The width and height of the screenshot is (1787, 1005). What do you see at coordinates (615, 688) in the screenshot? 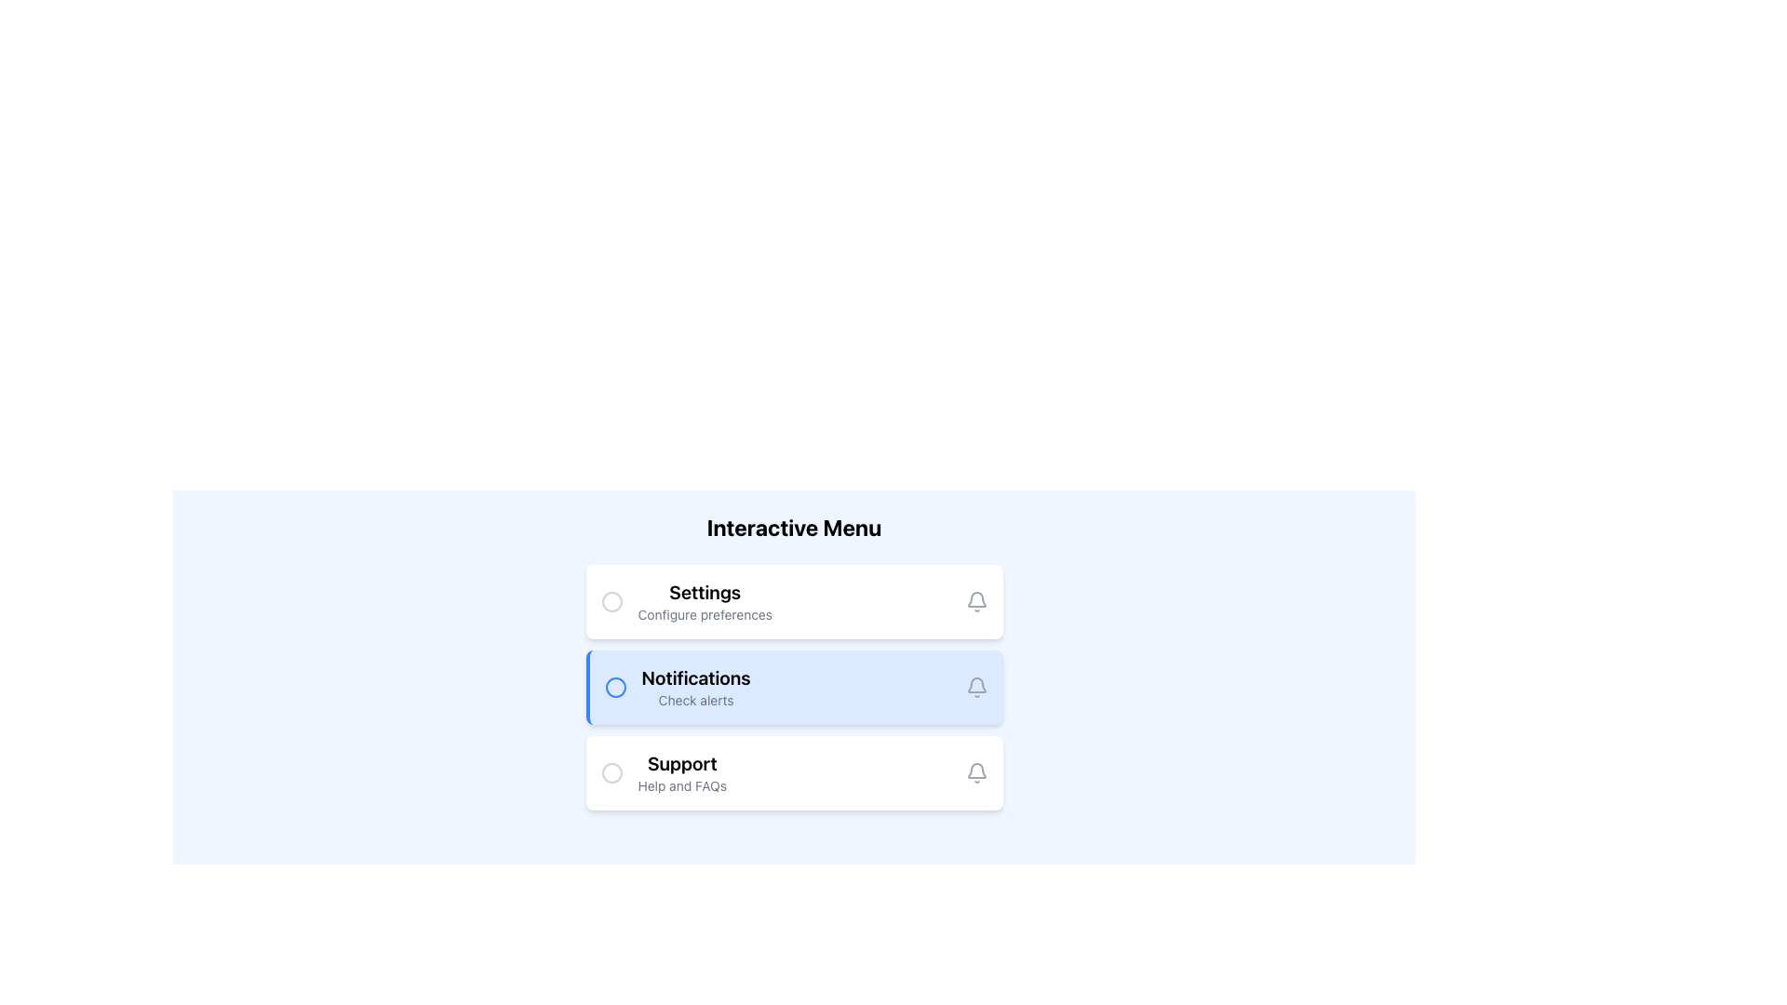
I see `the SVG Icon associated with the 'Notifications' menu item, which is positioned to the left of the text 'Check alerts' and above the main text 'Notifications'` at bounding box center [615, 688].